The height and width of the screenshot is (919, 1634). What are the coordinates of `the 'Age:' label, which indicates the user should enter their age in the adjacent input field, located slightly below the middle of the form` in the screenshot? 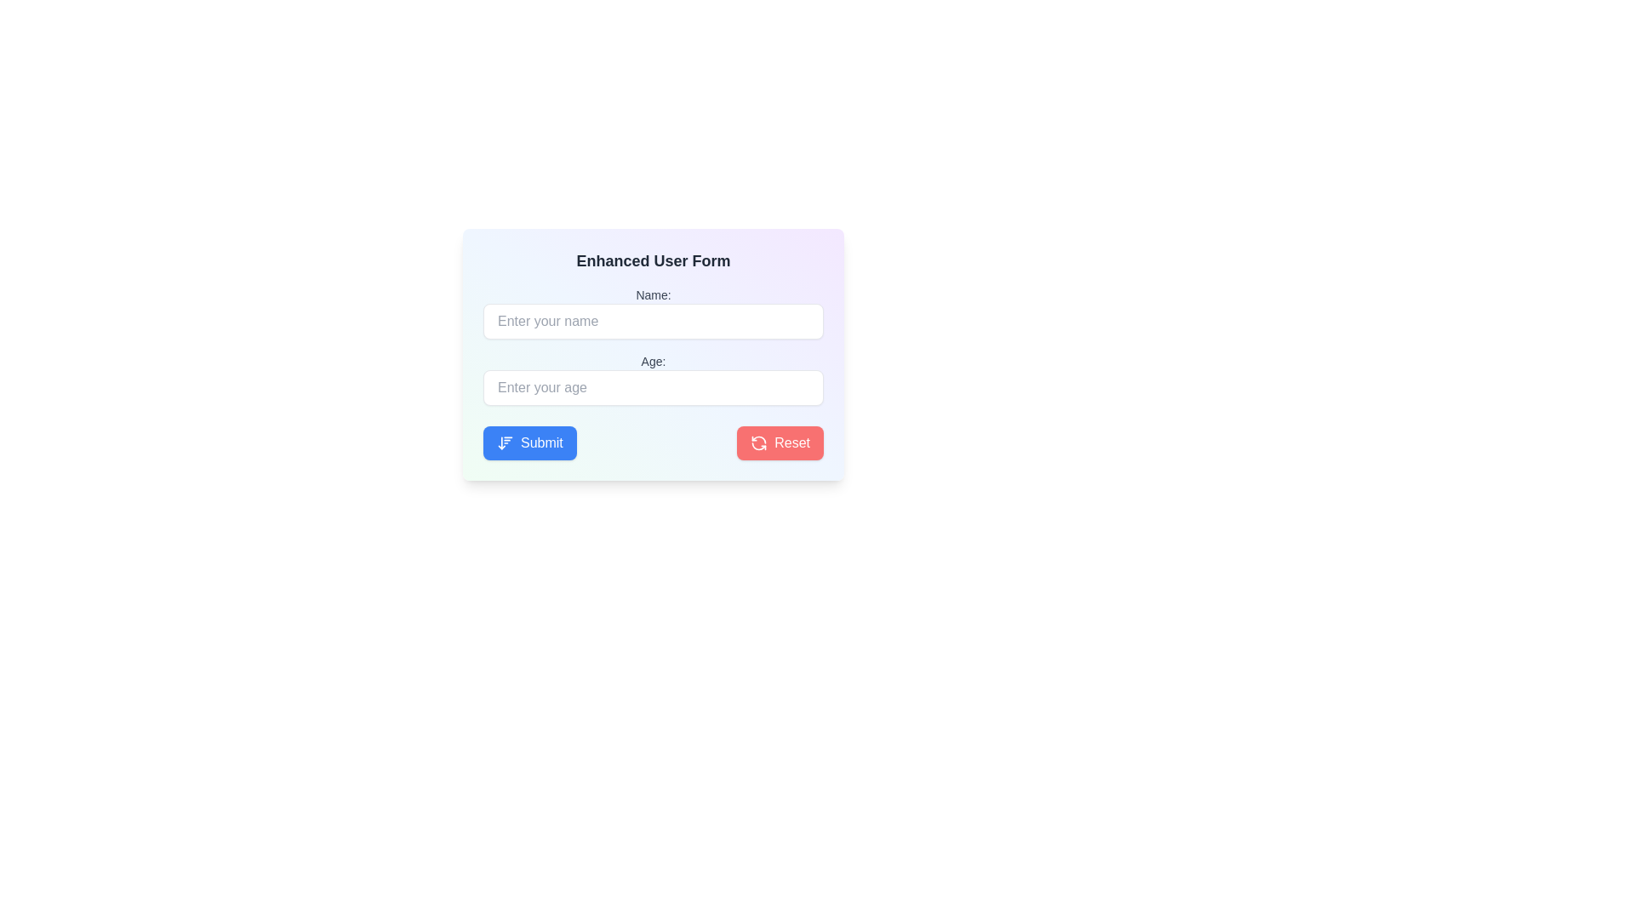 It's located at (653, 360).